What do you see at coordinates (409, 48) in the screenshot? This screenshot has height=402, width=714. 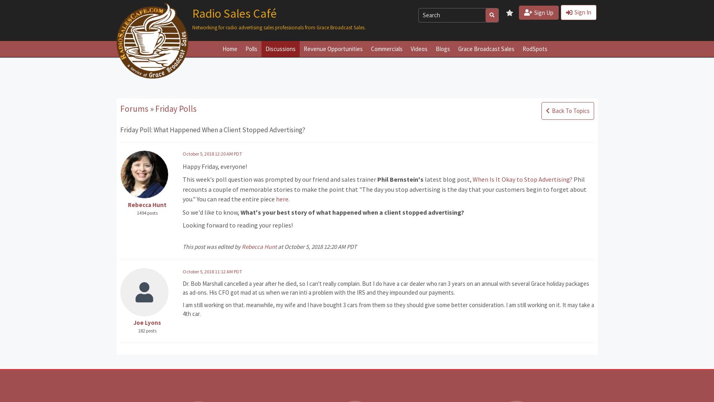 I see `'Videos'` at bounding box center [409, 48].